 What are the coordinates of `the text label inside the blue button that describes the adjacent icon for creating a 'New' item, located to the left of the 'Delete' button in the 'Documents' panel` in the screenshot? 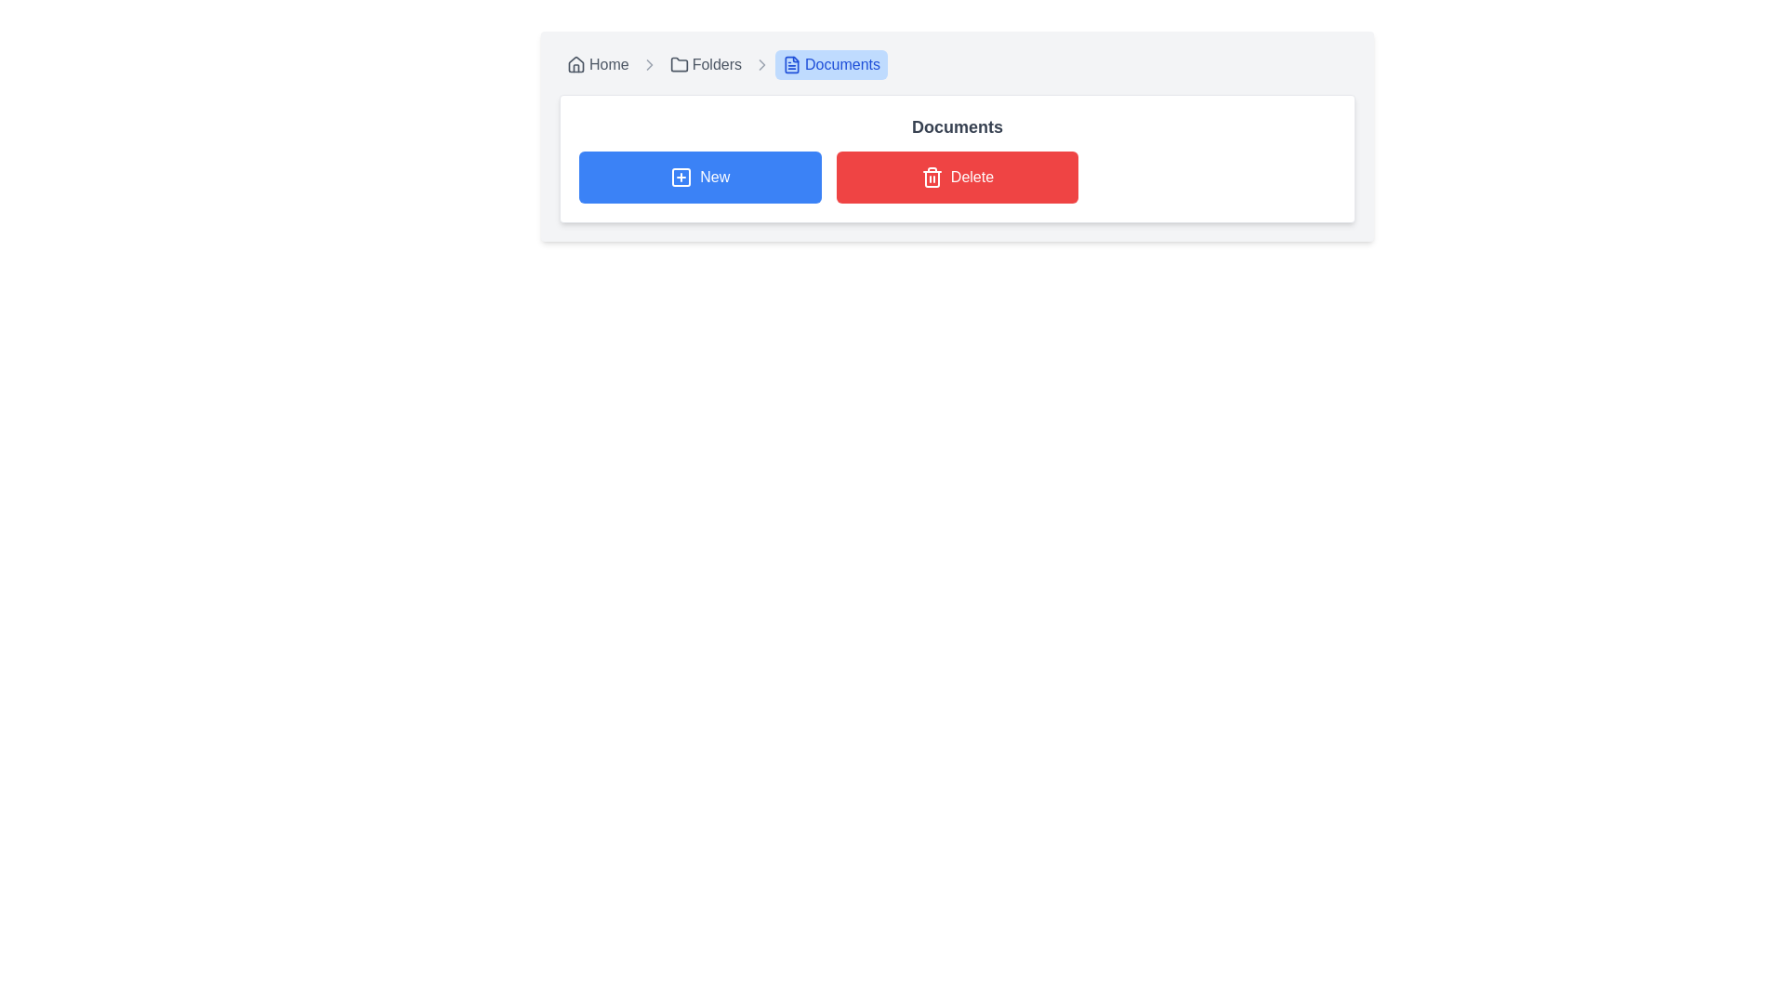 It's located at (714, 178).